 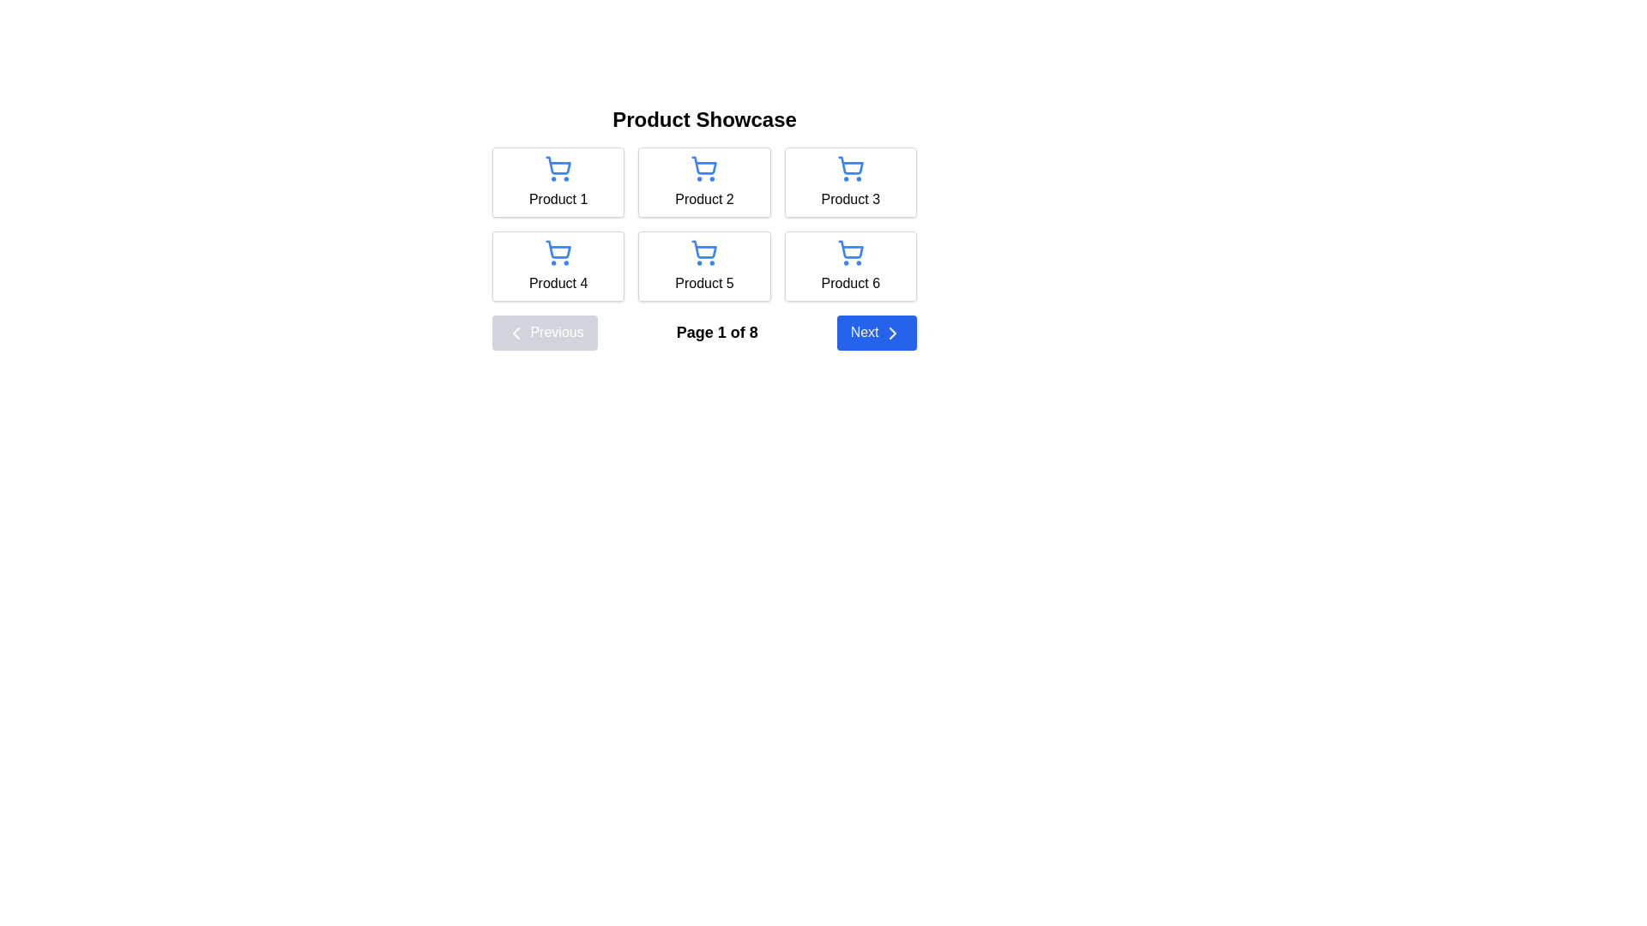 I want to click on product name displayed on the second product display card in the first row of the grid layout, so click(x=704, y=182).